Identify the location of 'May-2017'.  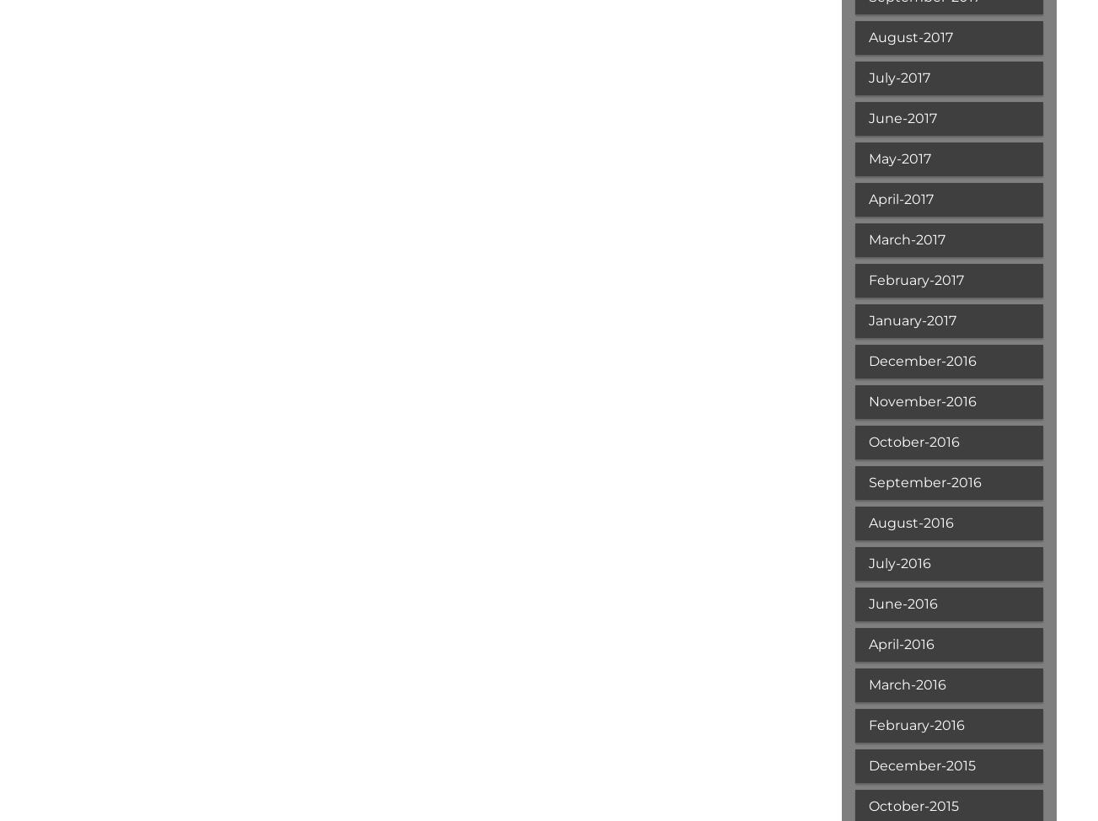
(868, 158).